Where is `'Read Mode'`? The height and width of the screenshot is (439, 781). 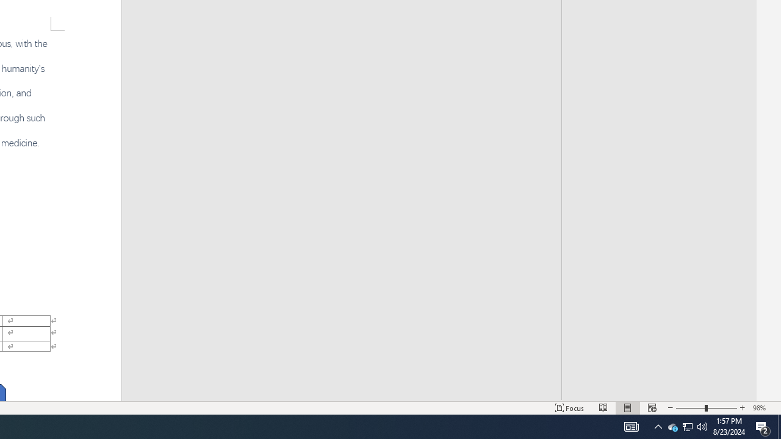 'Read Mode' is located at coordinates (603, 408).